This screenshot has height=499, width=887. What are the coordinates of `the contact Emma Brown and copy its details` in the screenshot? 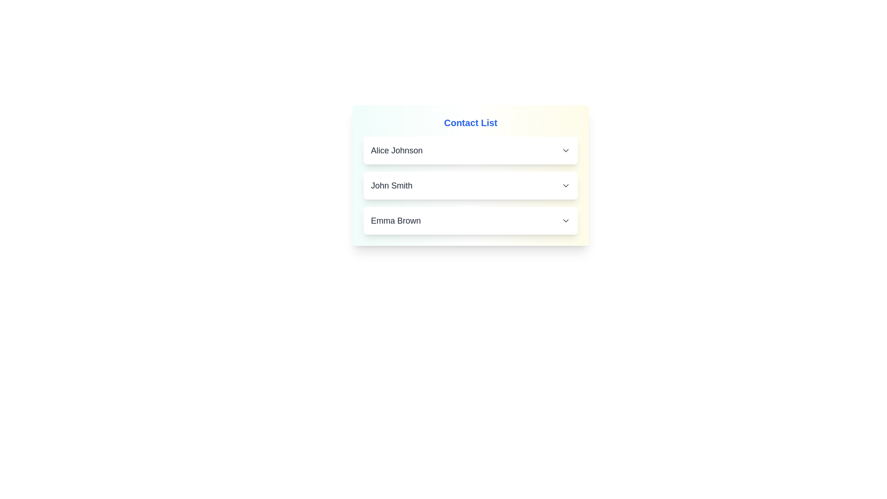 It's located at (470, 221).